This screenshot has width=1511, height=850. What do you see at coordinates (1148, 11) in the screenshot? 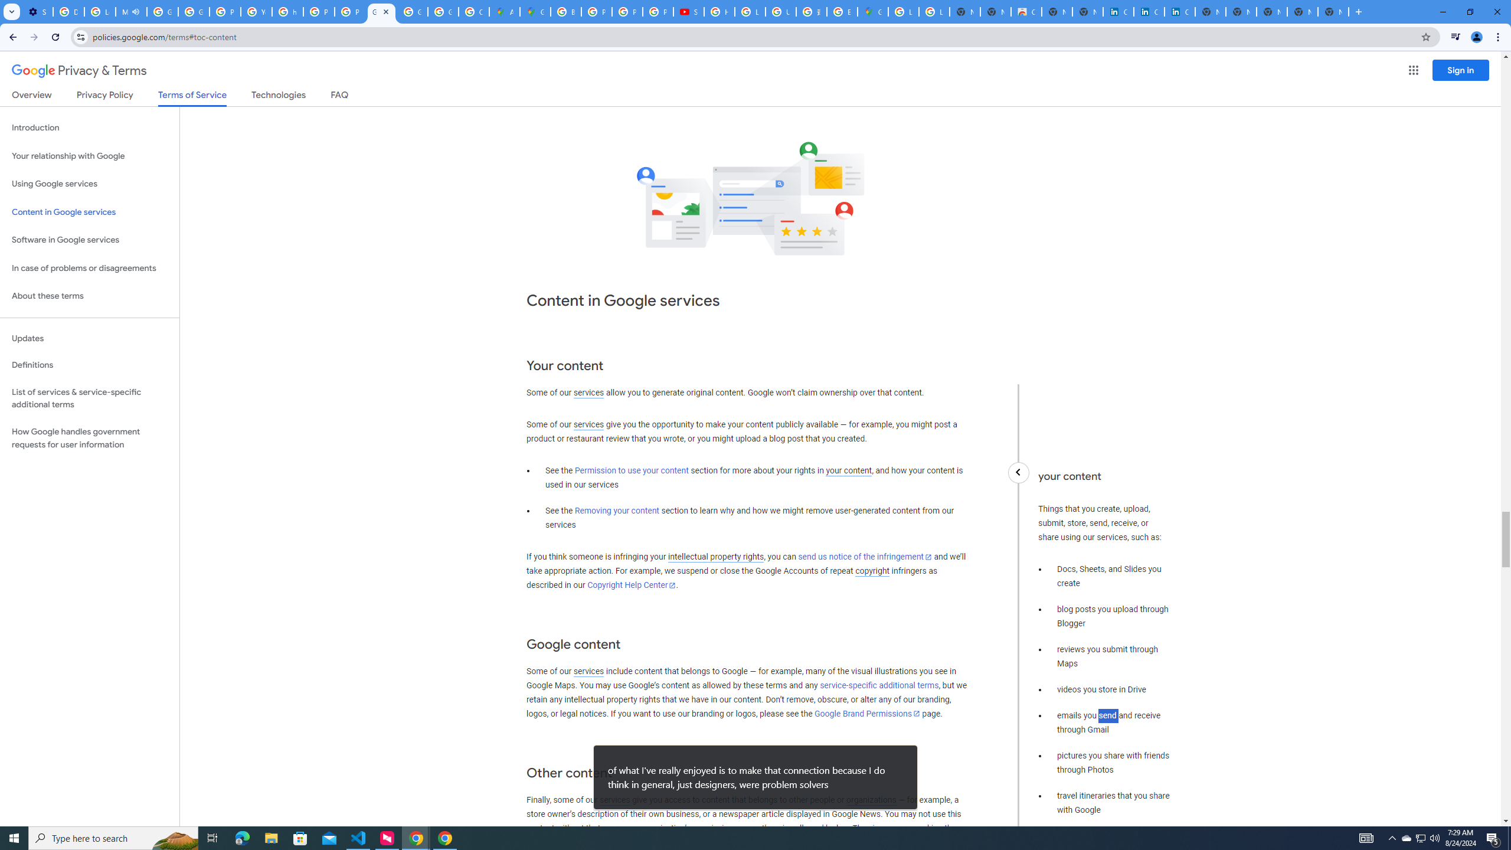
I see `'Cookie Policy | LinkedIn'` at bounding box center [1148, 11].